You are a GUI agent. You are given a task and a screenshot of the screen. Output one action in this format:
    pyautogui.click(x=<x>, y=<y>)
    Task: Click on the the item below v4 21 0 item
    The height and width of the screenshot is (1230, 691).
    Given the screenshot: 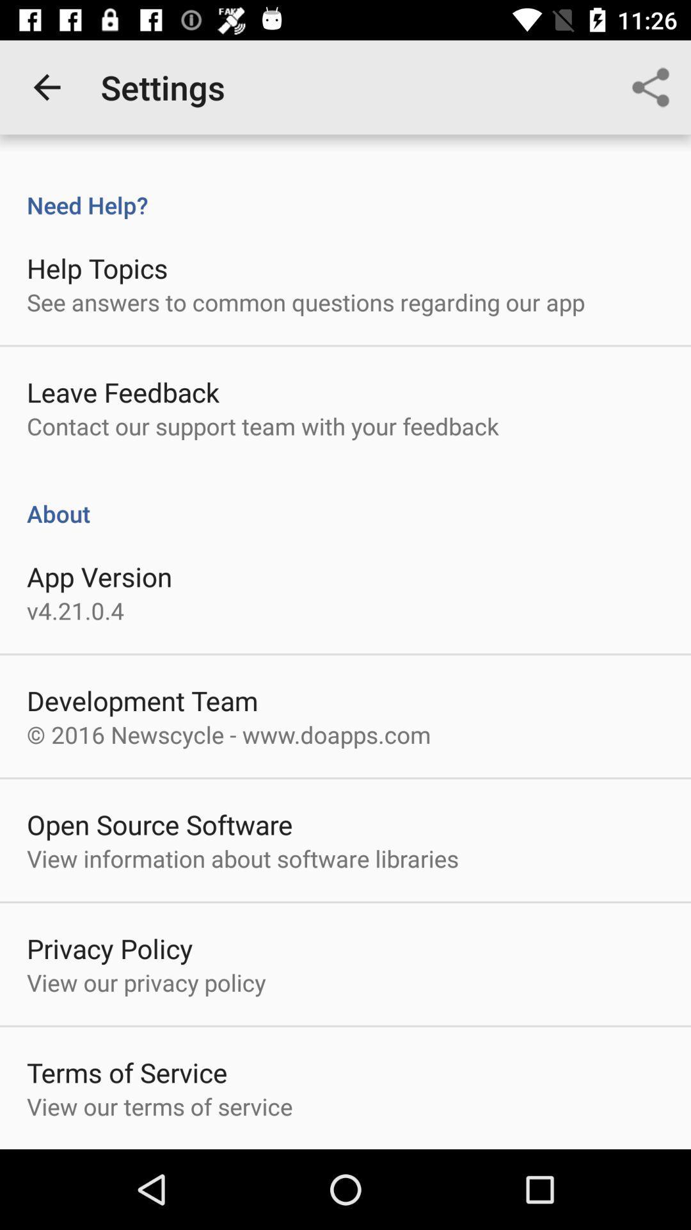 What is the action you would take?
    pyautogui.click(x=142, y=700)
    